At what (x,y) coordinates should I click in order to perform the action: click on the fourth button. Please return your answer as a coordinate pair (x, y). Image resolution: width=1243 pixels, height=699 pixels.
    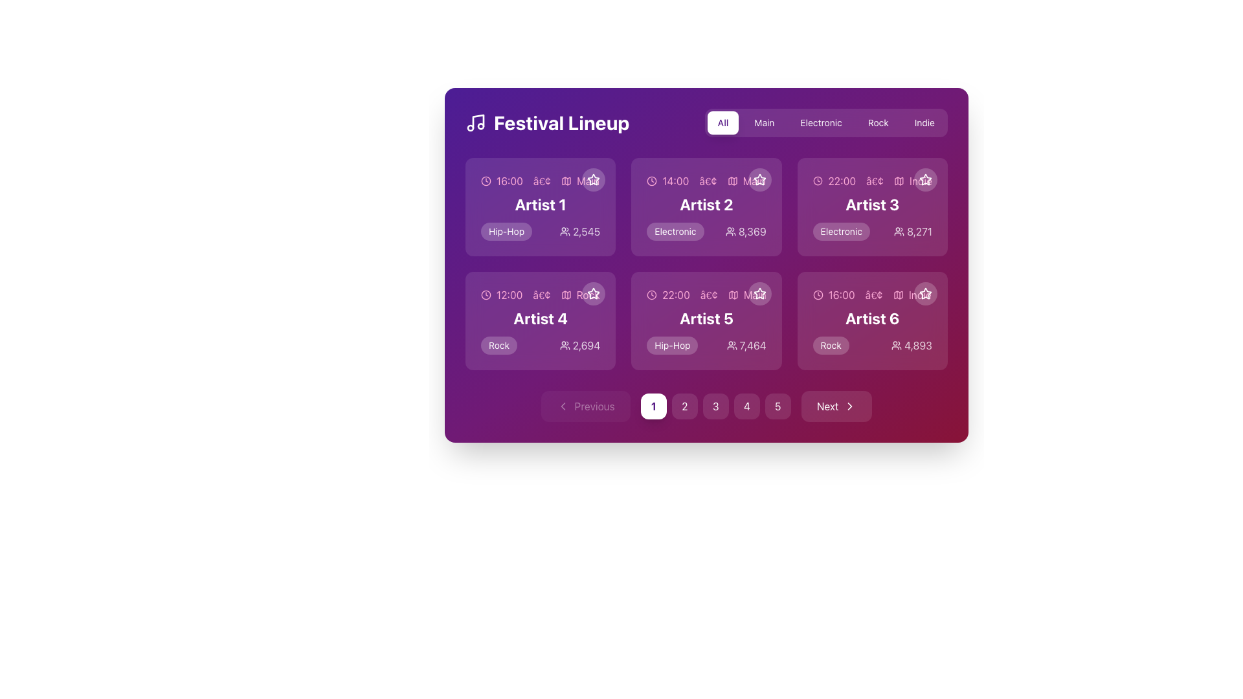
    Looking at the image, I should click on (746, 406).